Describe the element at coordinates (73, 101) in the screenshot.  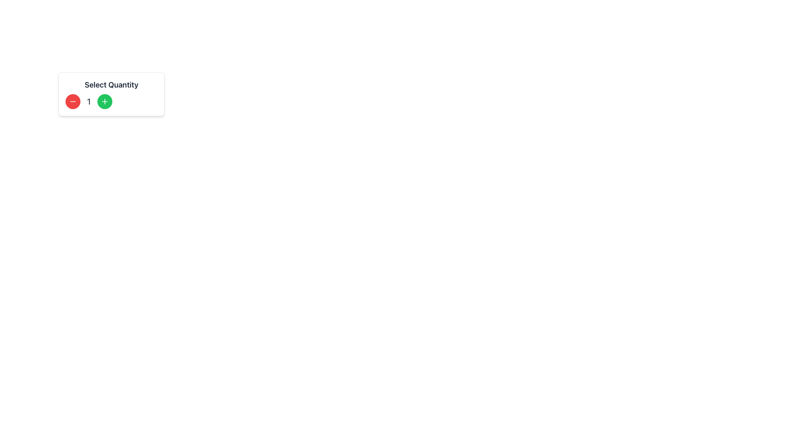
I see `the circular red button with a white 'minus' icon to decrement the value` at that location.